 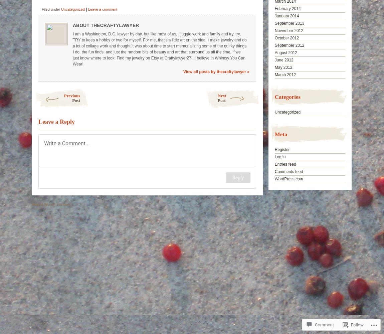 What do you see at coordinates (281, 149) in the screenshot?
I see `'Register'` at bounding box center [281, 149].